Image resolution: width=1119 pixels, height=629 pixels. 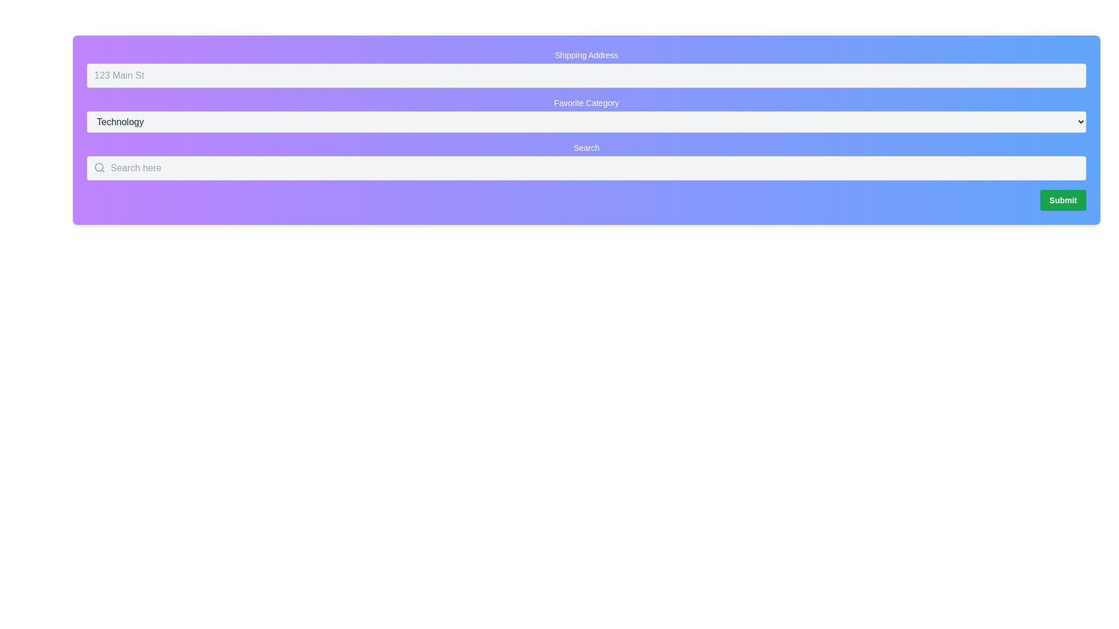 What do you see at coordinates (99, 167) in the screenshot?
I see `the circular graphical element that represents the lens in the magnifying glass icon located in the search bar at the bottom of the form` at bounding box center [99, 167].